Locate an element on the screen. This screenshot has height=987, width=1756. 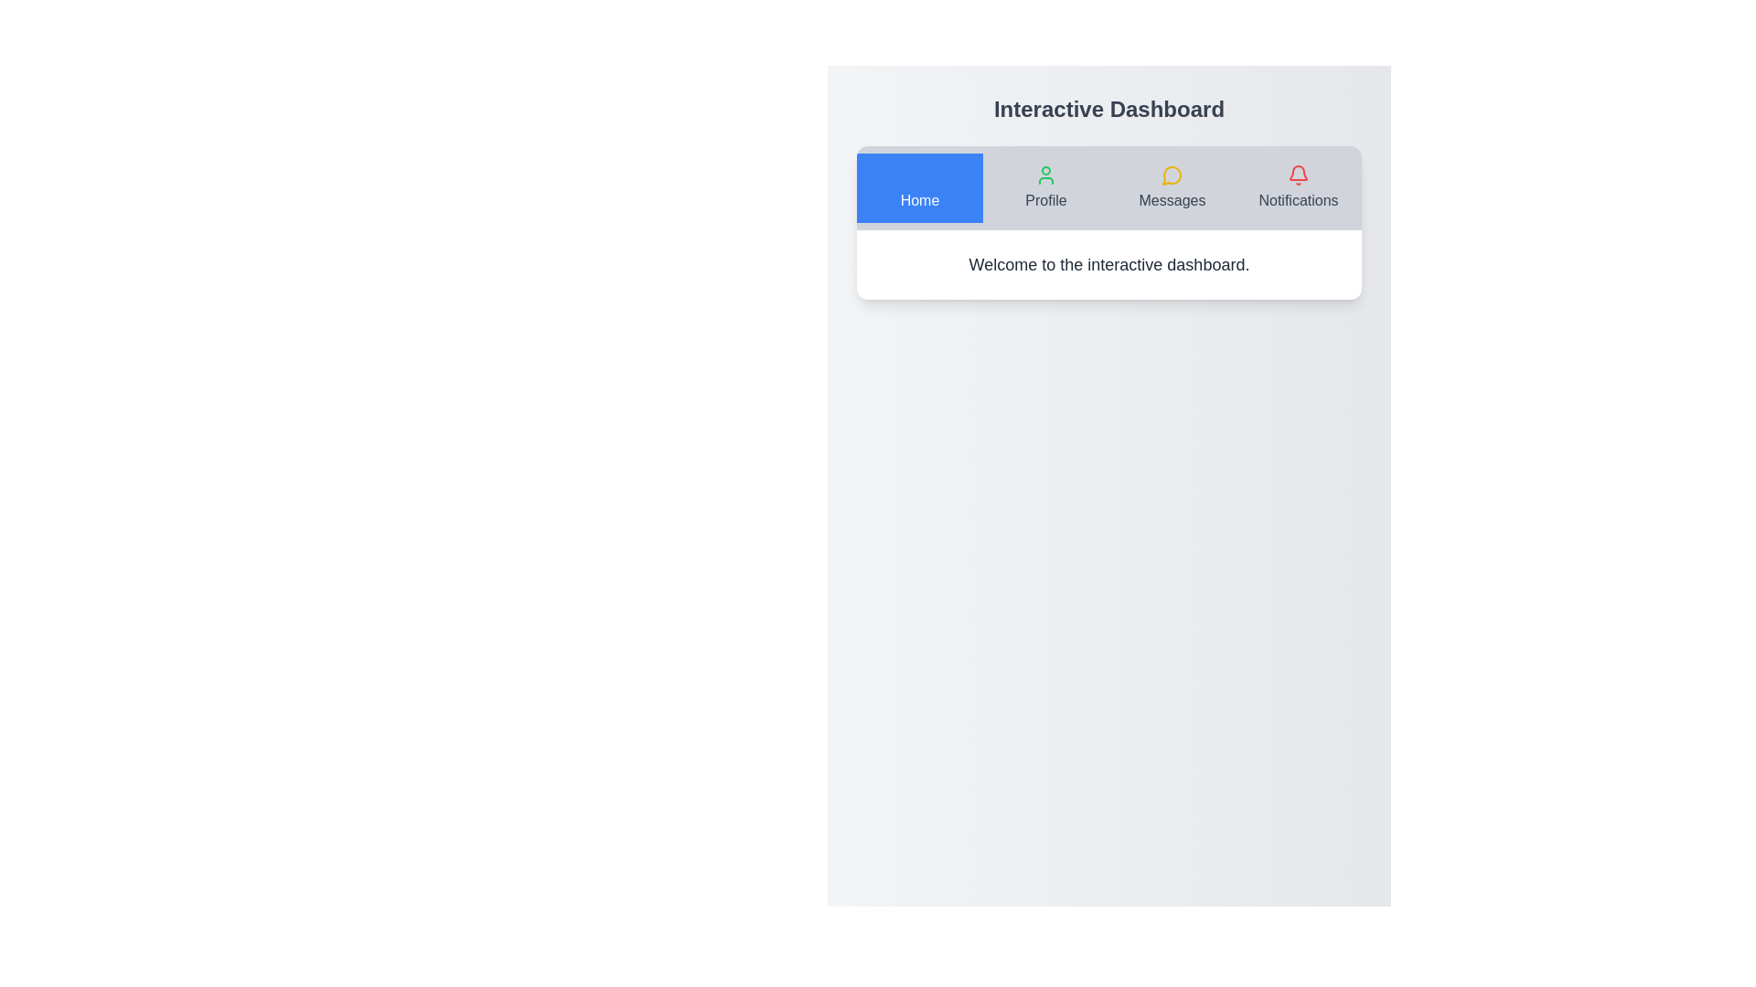
the bell icon in the top-right corner of the navigation bar labeled 'Notifications' is located at coordinates (1298, 187).